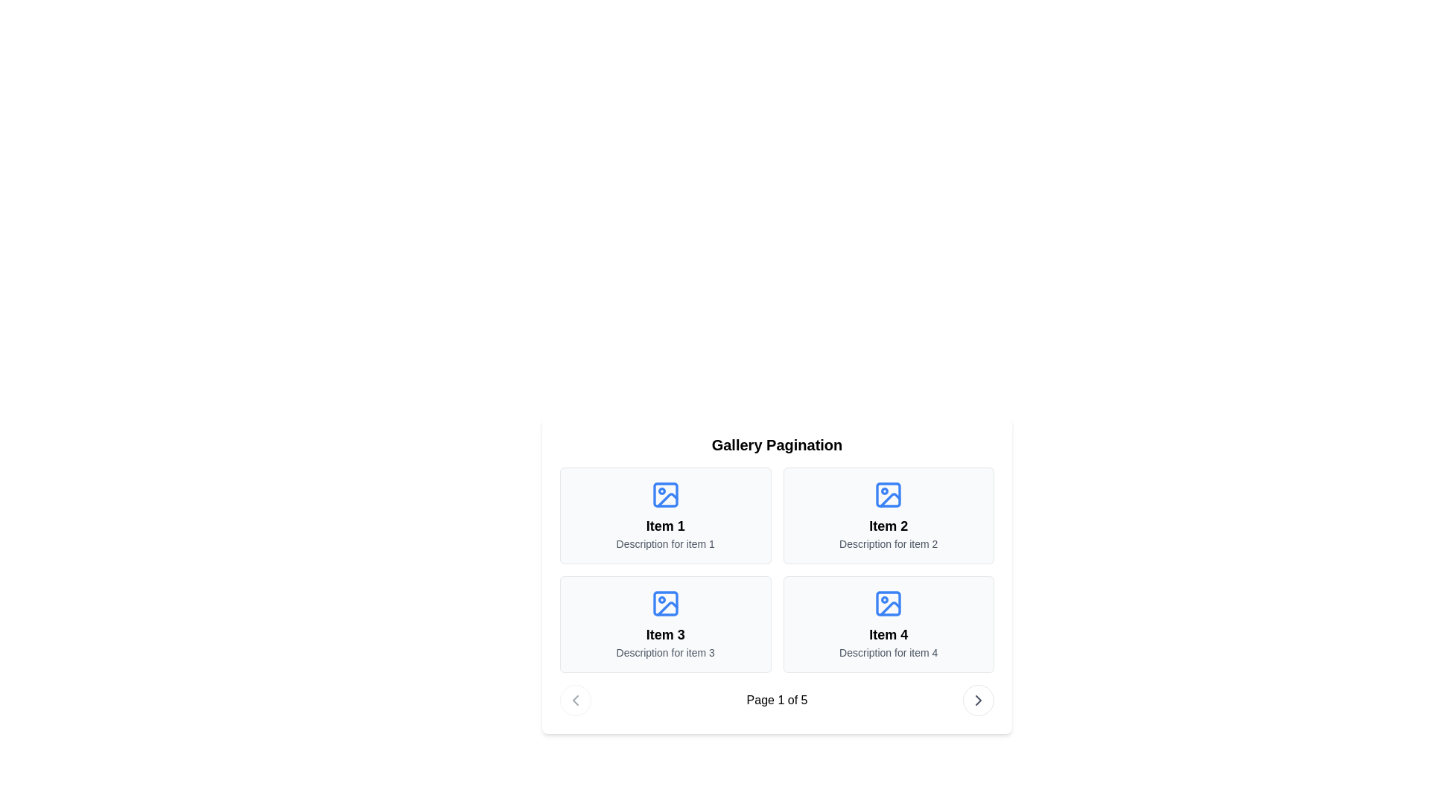 This screenshot has width=1430, height=804. I want to click on the right-pointing chevron icon within the circular button located at the bottom-right of the 'Gallery Pagination' section, so click(979, 701).